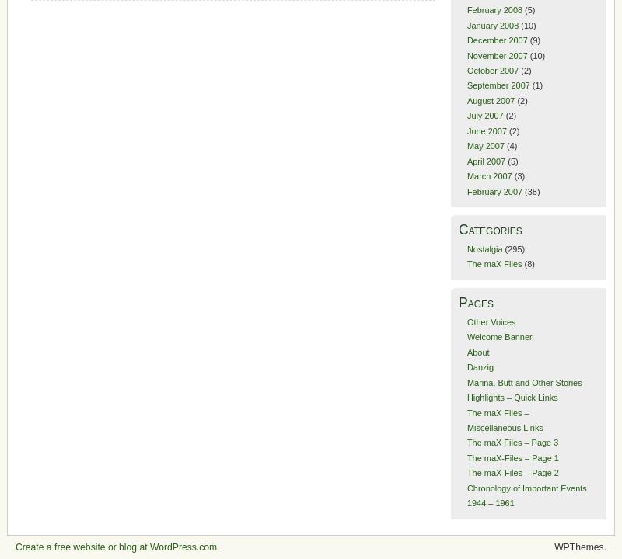  I want to click on 'The maX Files – Page 3', so click(511, 443).